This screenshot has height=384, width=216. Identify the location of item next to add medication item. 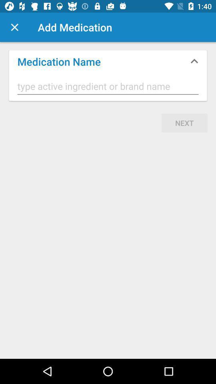
(14, 27).